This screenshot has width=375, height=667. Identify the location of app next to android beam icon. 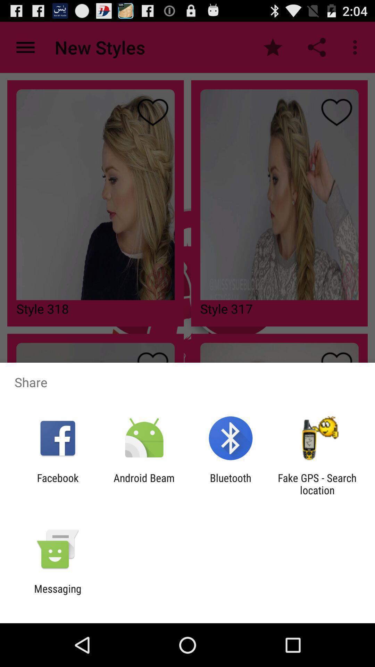
(231, 484).